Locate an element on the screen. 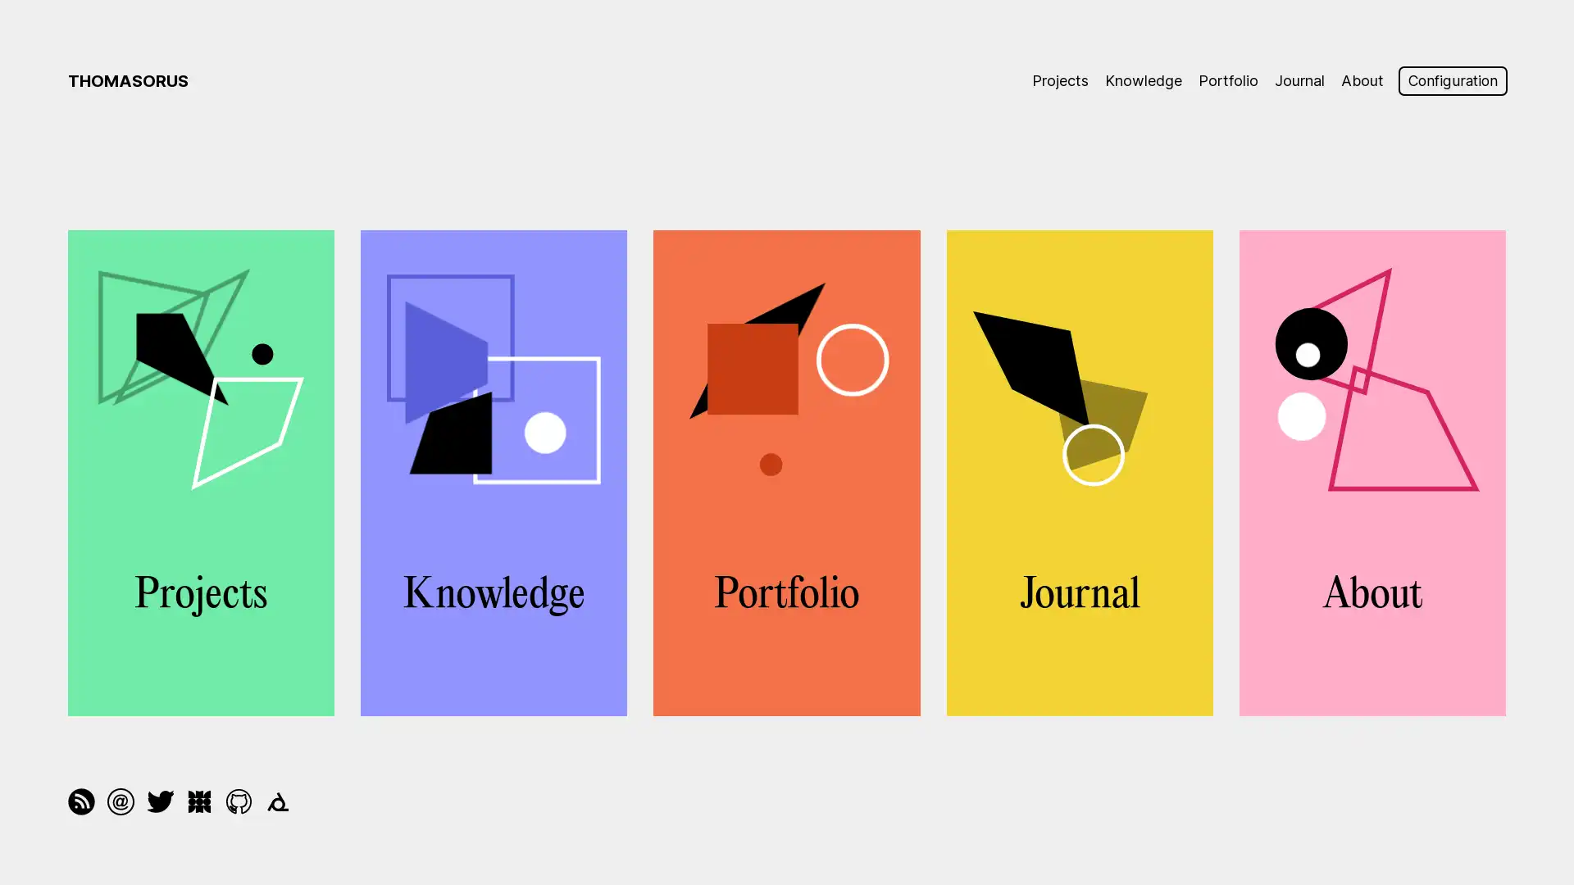 The image size is (1574, 885). Configuration is located at coordinates (1449, 81).